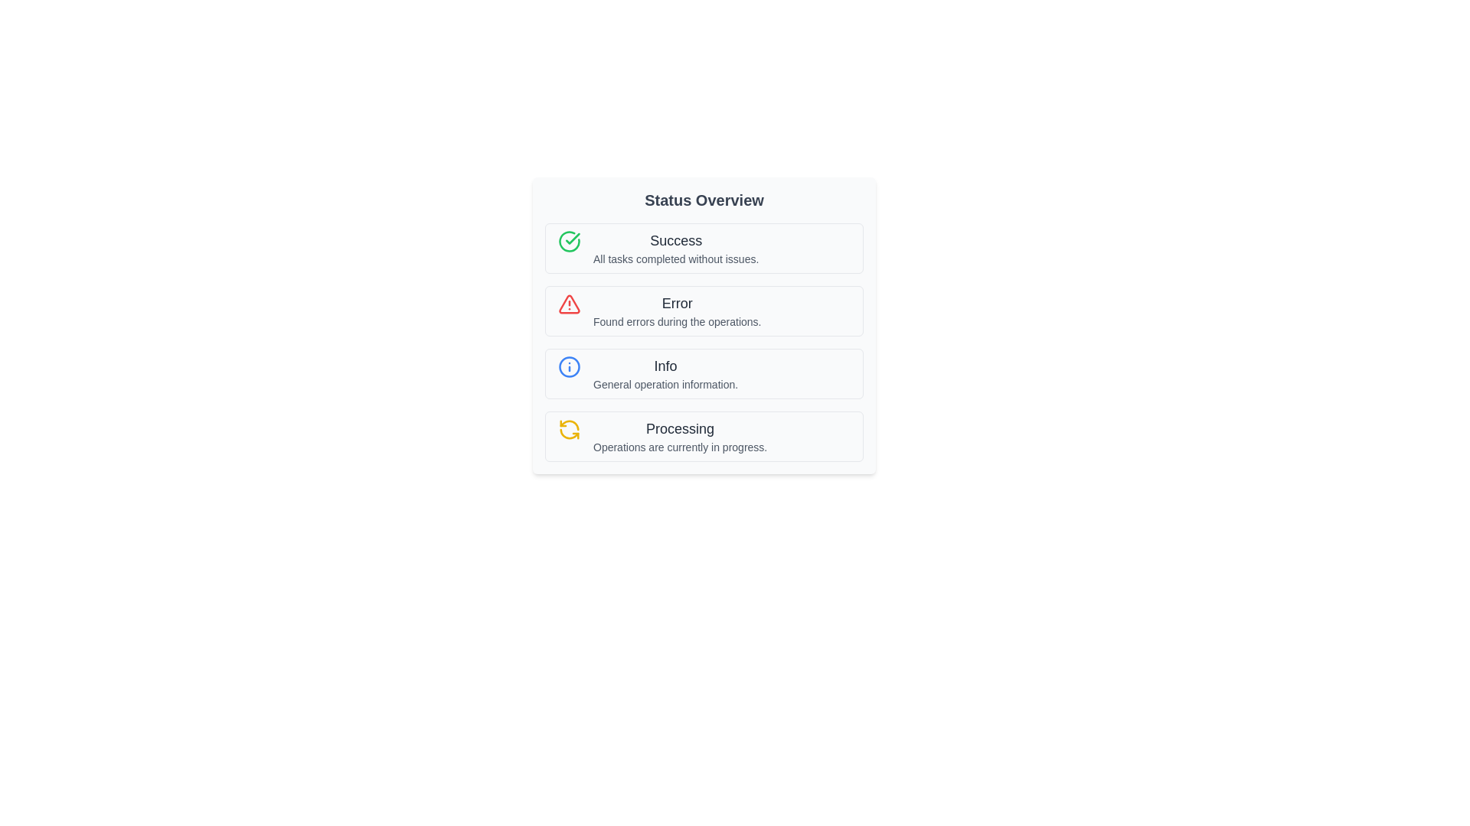  What do you see at coordinates (675, 241) in the screenshot?
I see `the Text label that indicates a successful status for the associated task, located above the text 'All tasks completed without issues.'` at bounding box center [675, 241].